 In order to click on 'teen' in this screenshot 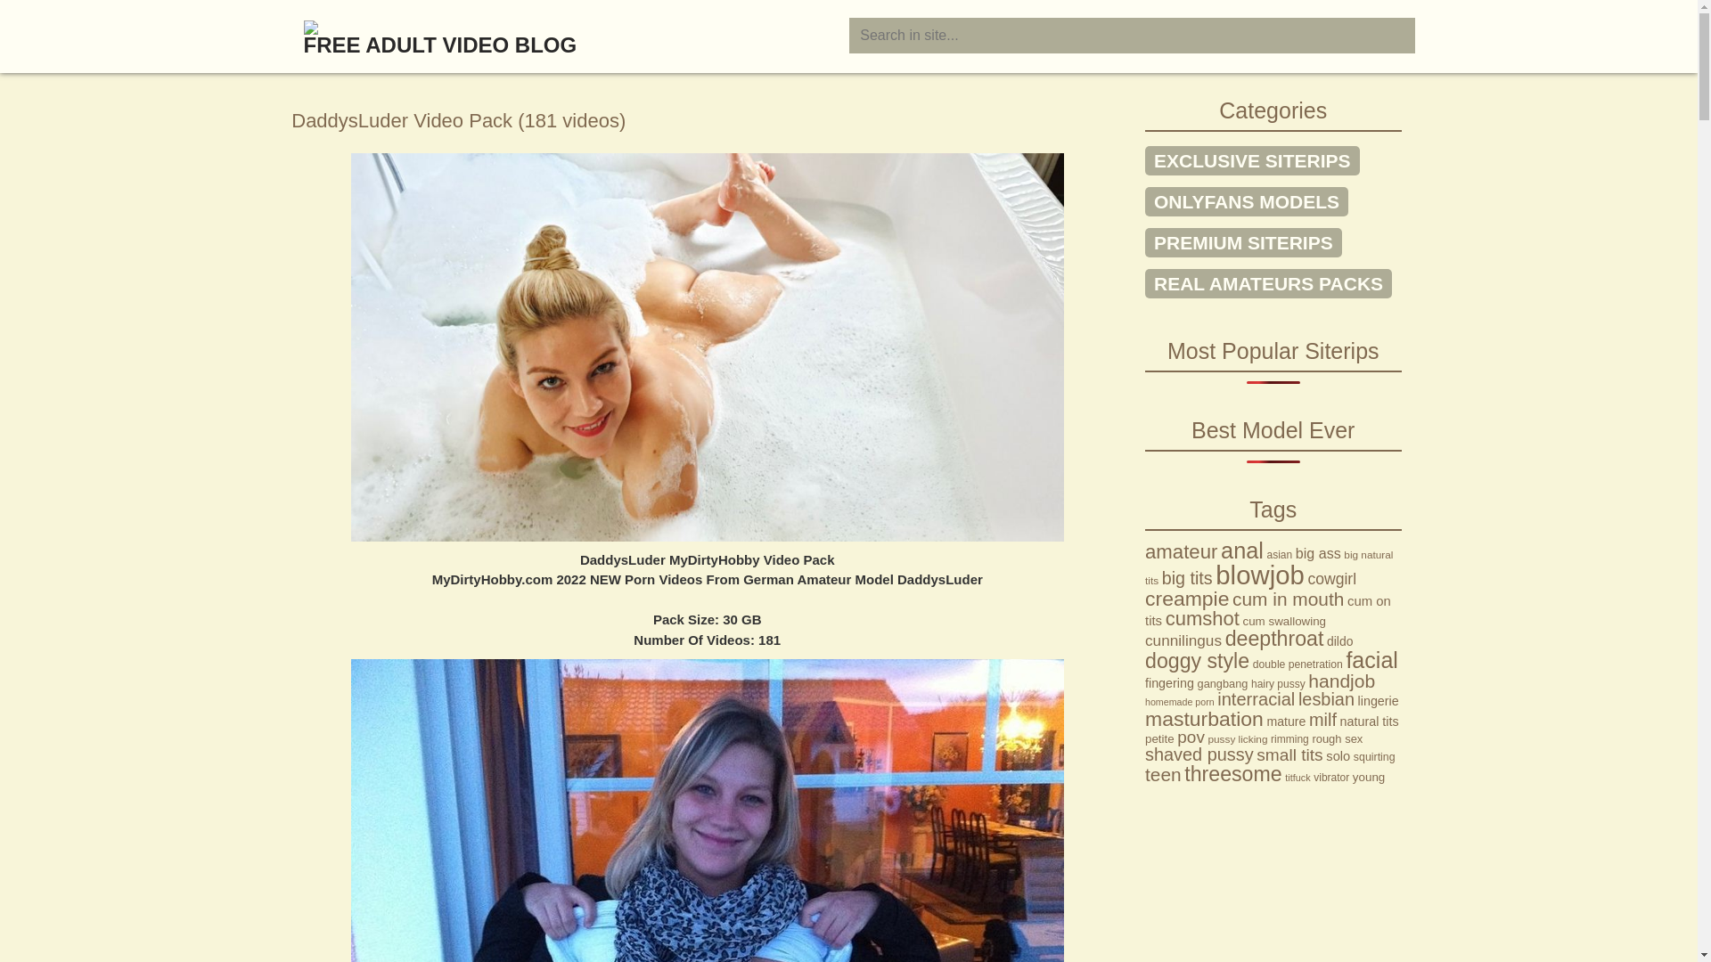, I will do `click(1163, 773)`.